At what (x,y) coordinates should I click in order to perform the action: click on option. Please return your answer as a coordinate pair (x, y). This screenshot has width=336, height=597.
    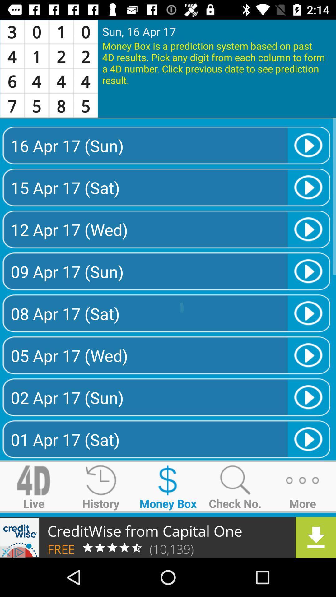
    Looking at the image, I should click on (168, 537).